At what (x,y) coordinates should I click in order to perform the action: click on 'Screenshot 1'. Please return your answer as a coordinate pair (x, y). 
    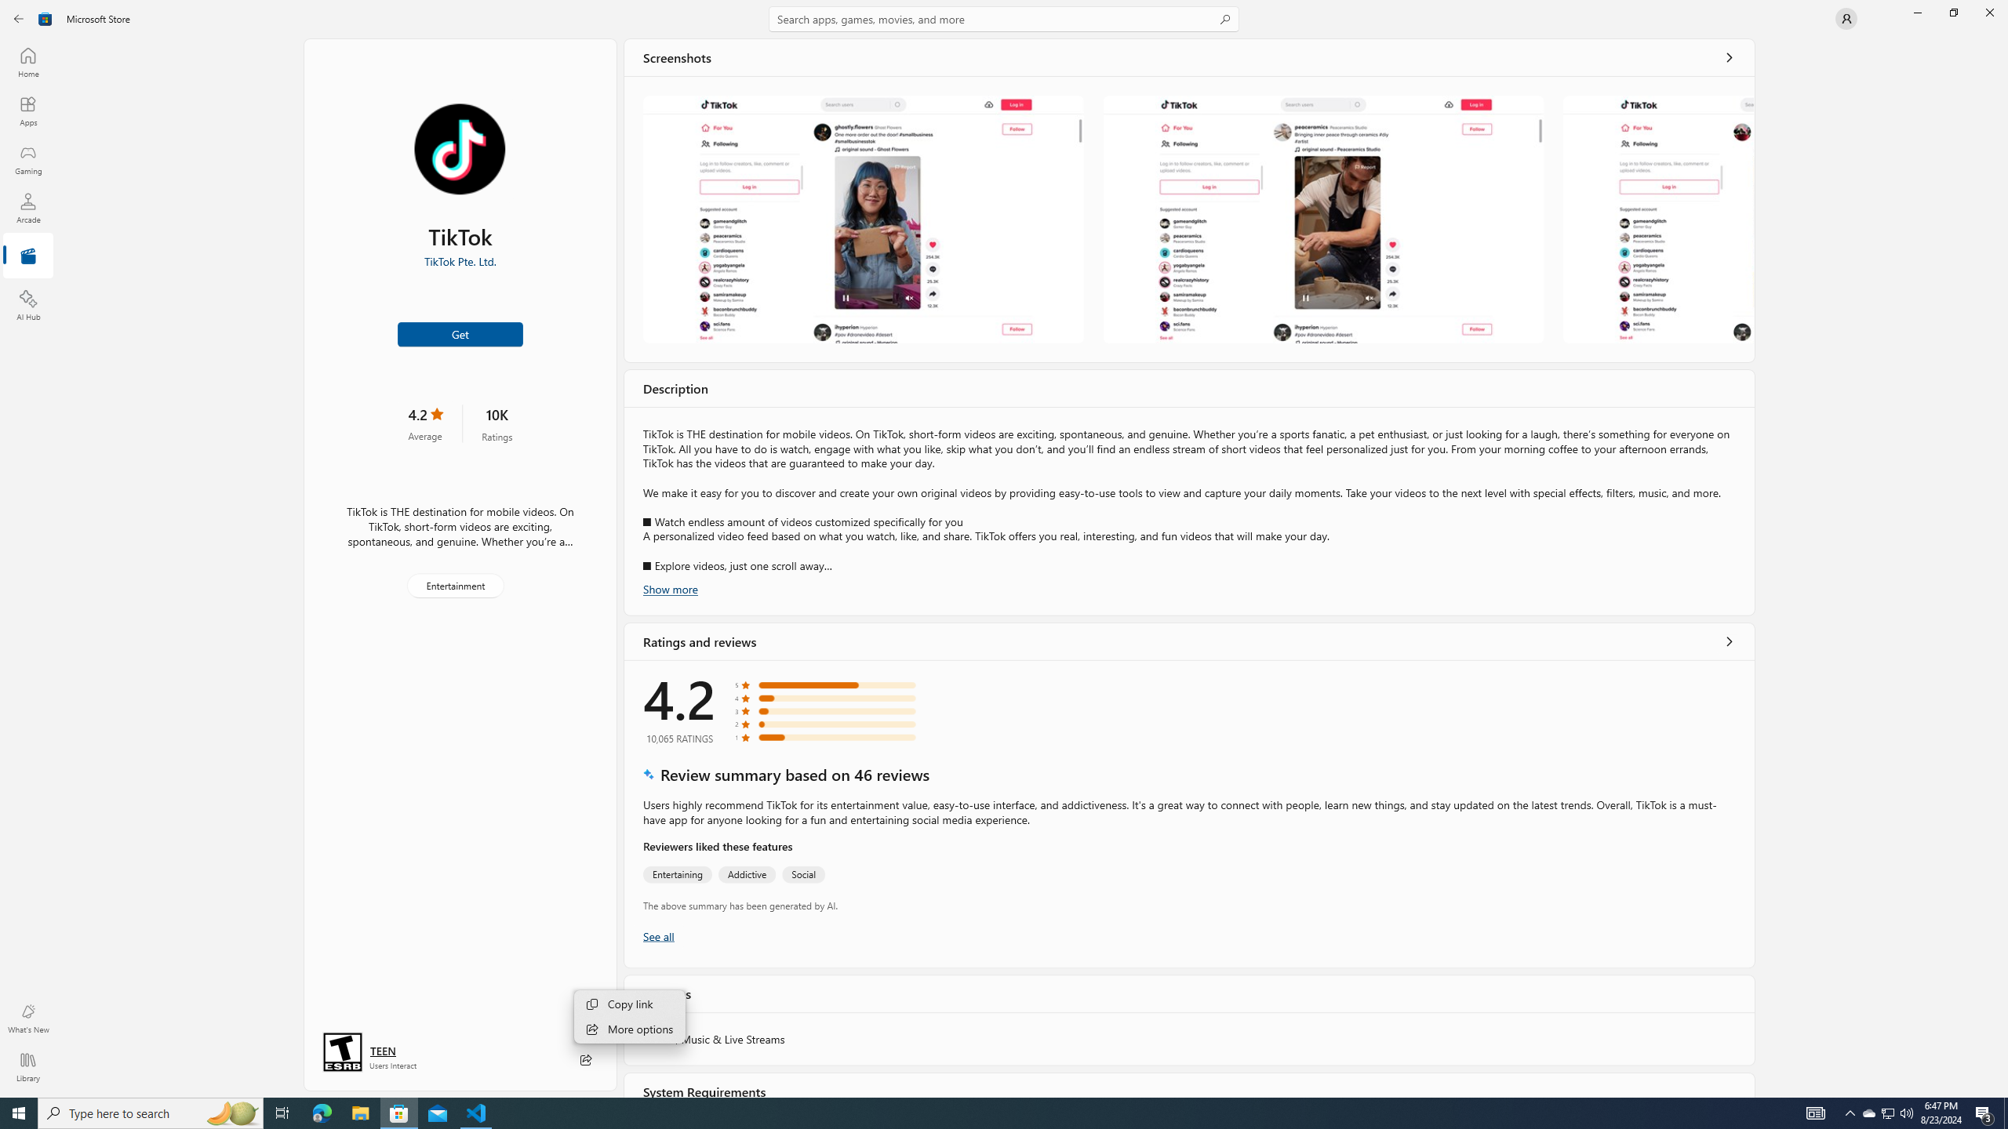
    Looking at the image, I should click on (863, 219).